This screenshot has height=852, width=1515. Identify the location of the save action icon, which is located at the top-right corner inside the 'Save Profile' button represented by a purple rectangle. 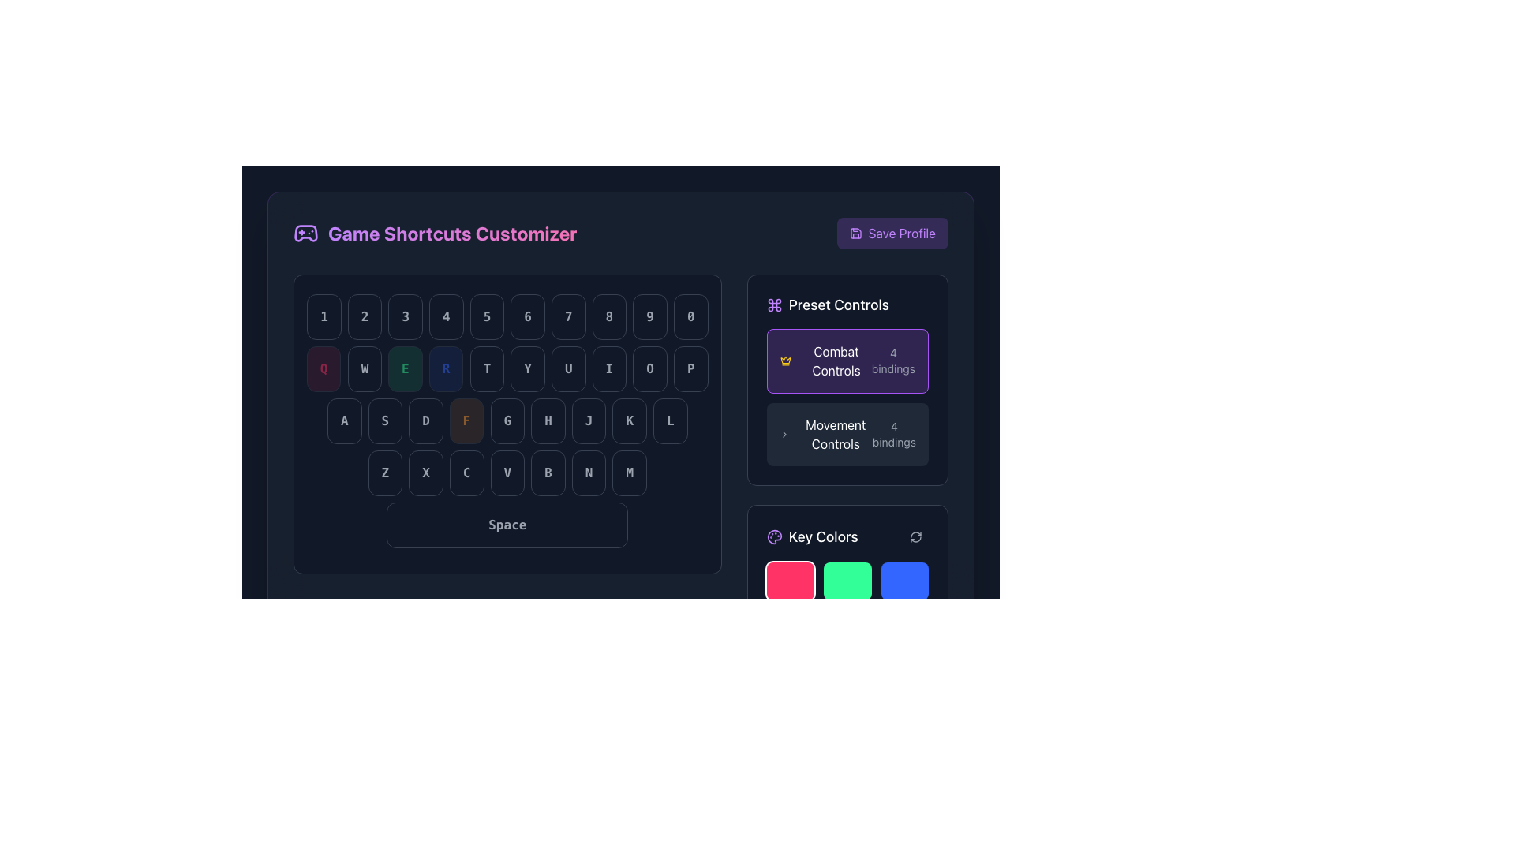
(855, 234).